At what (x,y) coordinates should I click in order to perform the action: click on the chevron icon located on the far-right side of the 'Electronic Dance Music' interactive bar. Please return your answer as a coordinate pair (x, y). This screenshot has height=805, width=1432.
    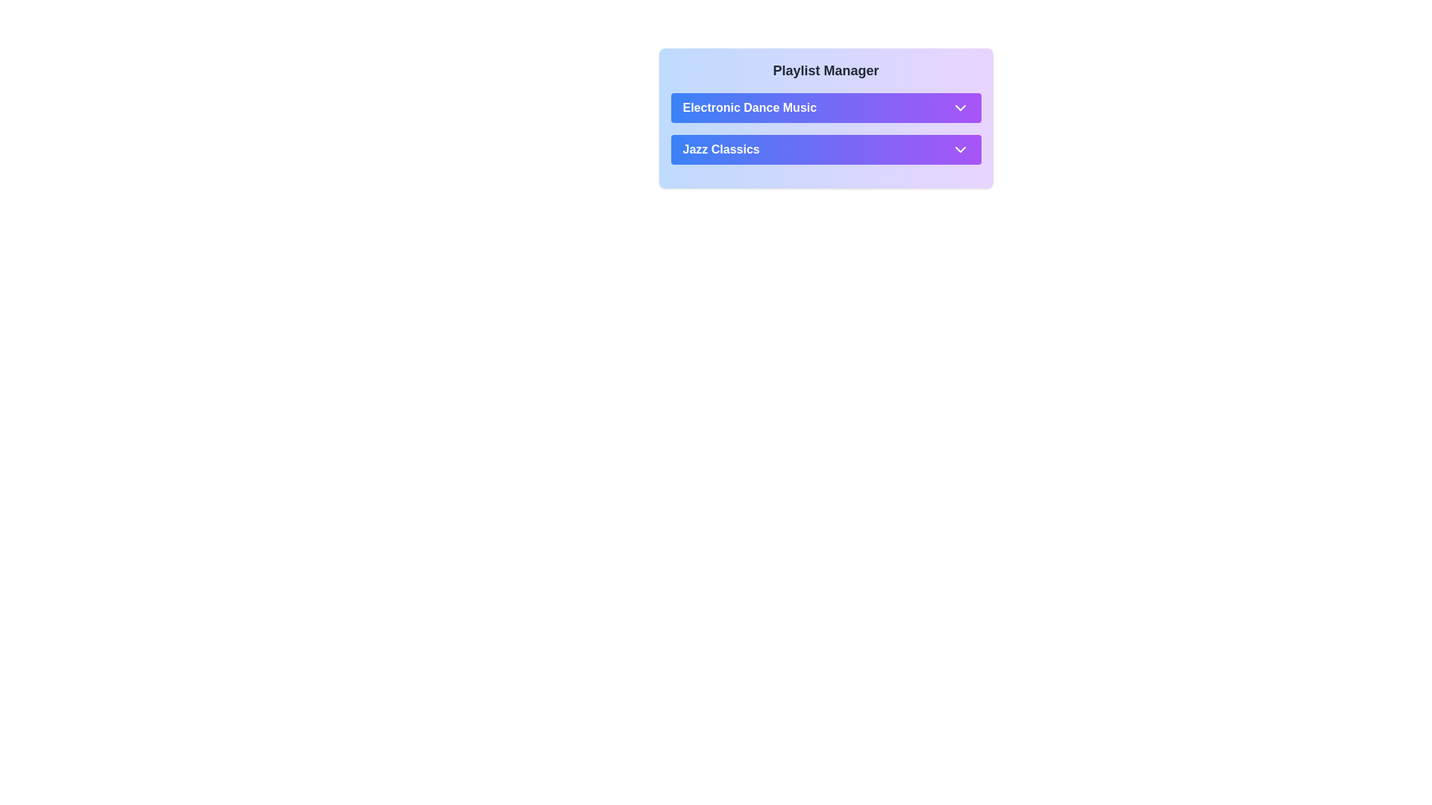
    Looking at the image, I should click on (960, 107).